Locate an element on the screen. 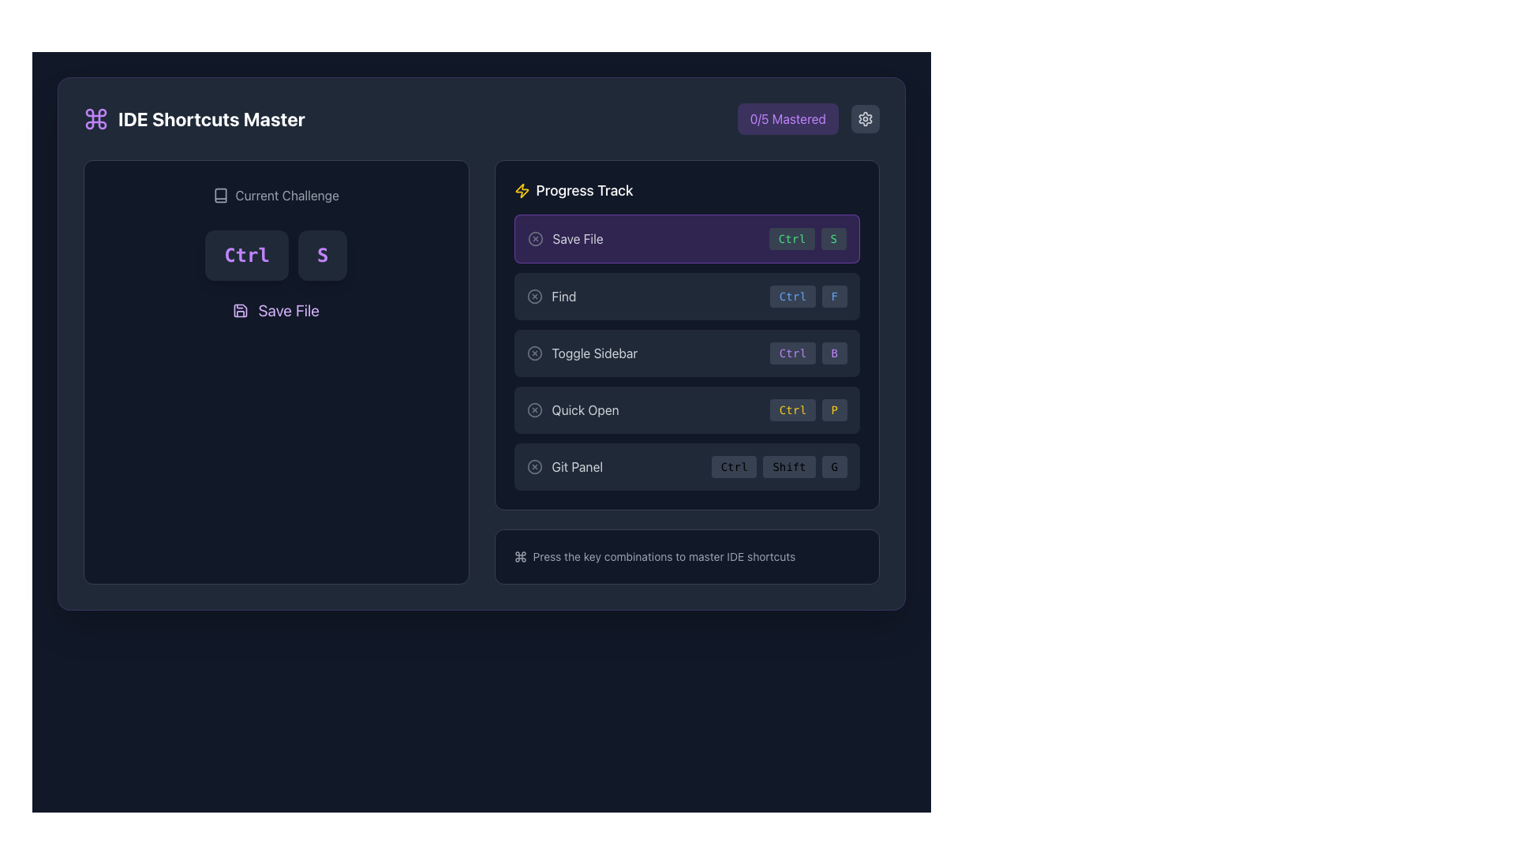 This screenshot has width=1515, height=852. the 'Git Panel' list item in the interactive menu is located at coordinates (686, 465).